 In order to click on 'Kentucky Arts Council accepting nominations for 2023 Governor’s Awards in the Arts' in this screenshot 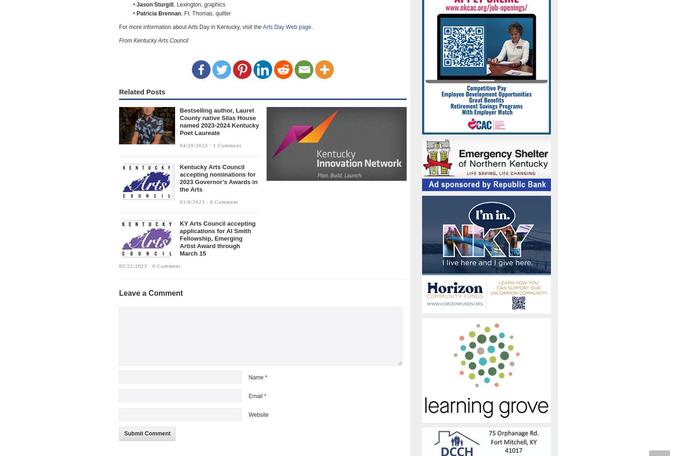, I will do `click(218, 178)`.